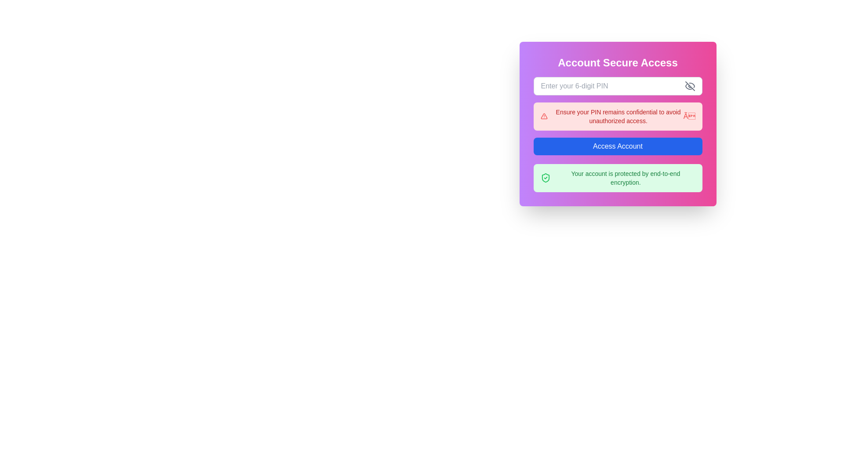 This screenshot has width=844, height=475. Describe the element at coordinates (545, 178) in the screenshot. I see `the shield icon with a checkmark inside, which is located in the bottom green notification box of the card` at that location.